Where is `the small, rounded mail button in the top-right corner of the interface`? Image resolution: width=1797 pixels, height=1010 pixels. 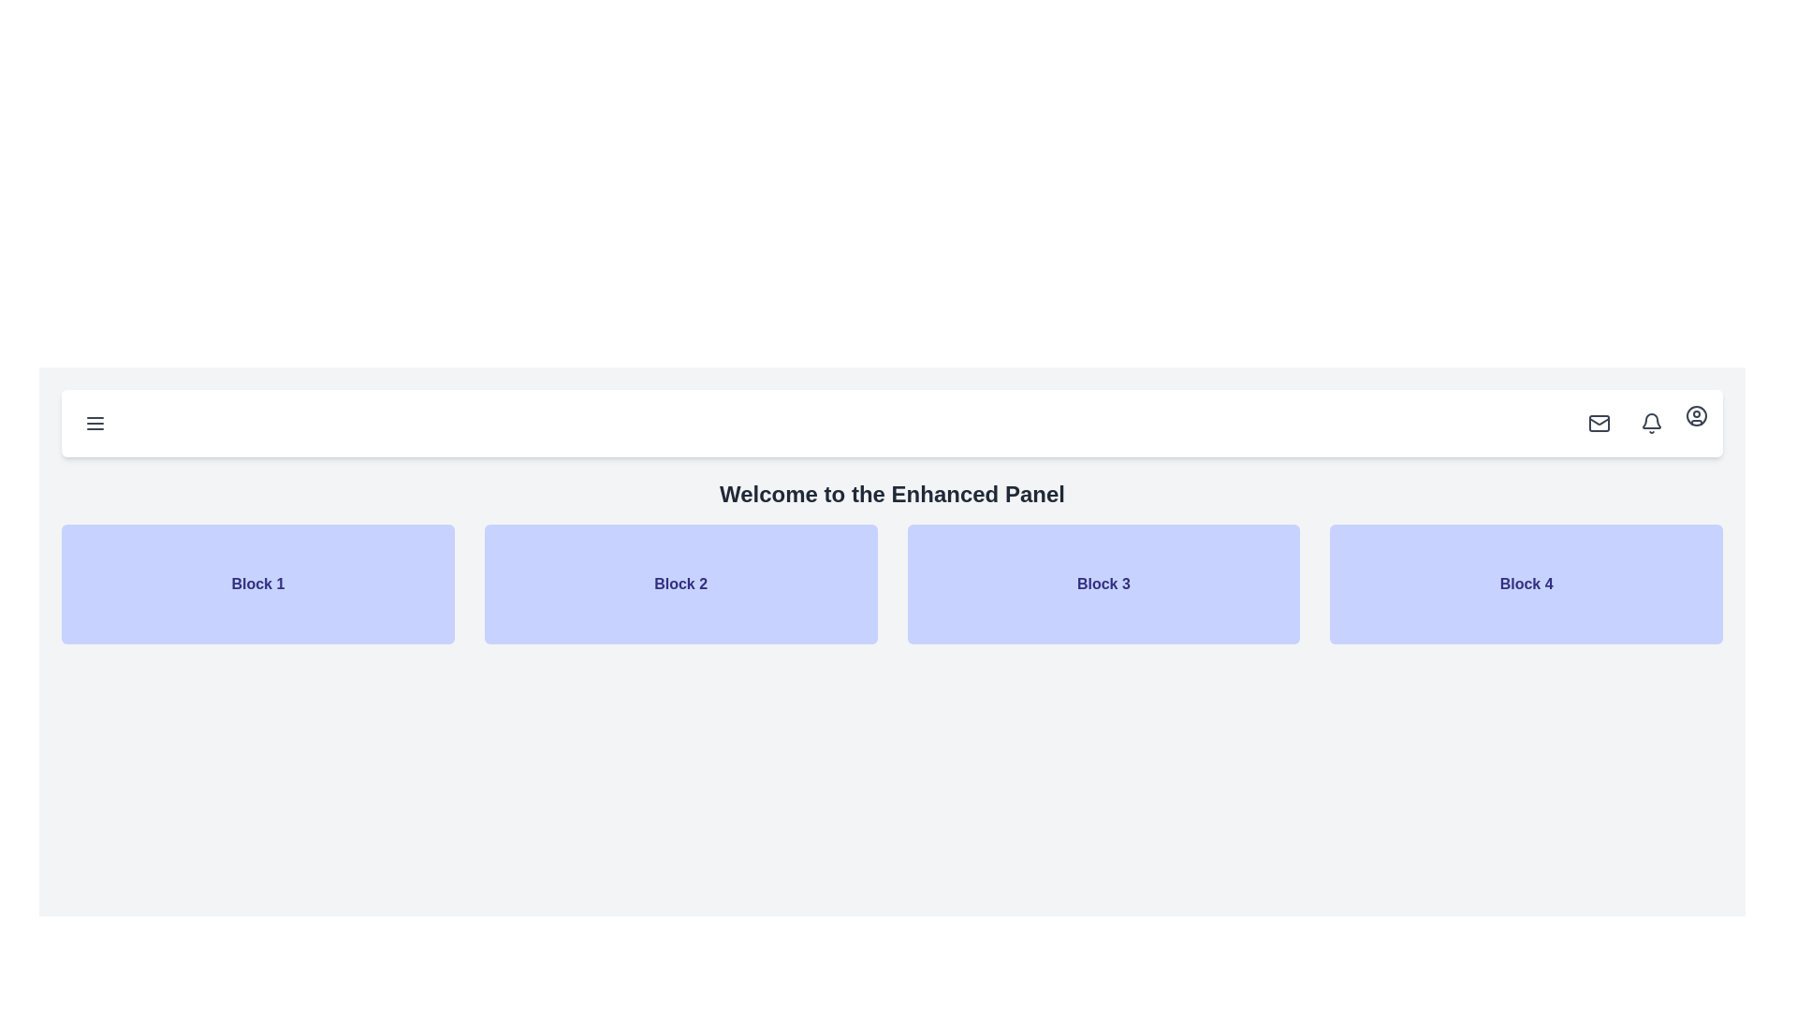 the small, rounded mail button in the top-right corner of the interface is located at coordinates (1598, 423).